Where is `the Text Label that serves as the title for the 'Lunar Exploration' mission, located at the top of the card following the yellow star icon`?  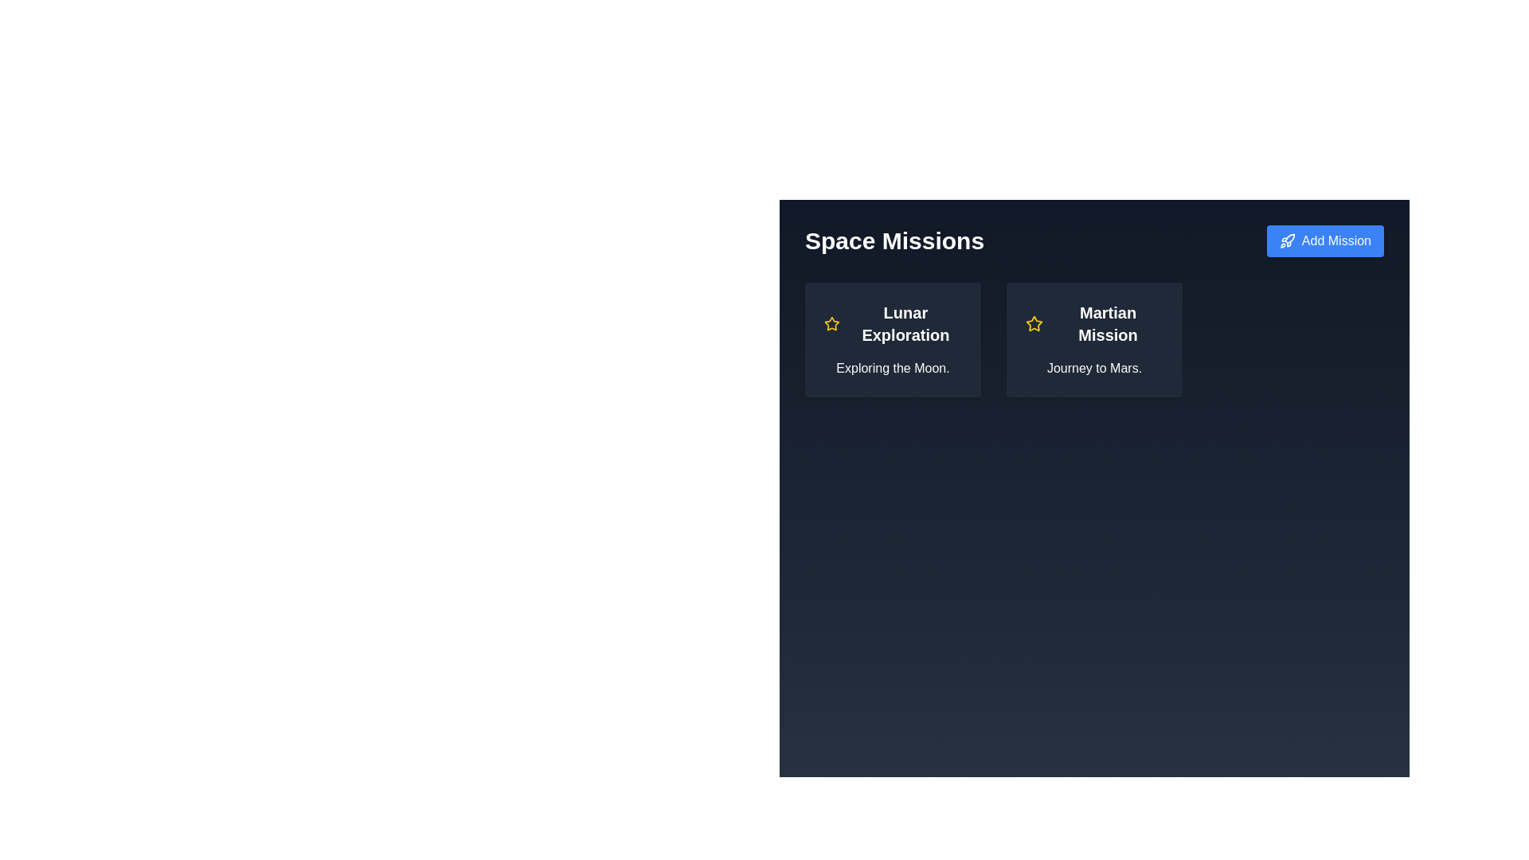 the Text Label that serves as the title for the 'Lunar Exploration' mission, located at the top of the card following the yellow star icon is located at coordinates (893, 323).